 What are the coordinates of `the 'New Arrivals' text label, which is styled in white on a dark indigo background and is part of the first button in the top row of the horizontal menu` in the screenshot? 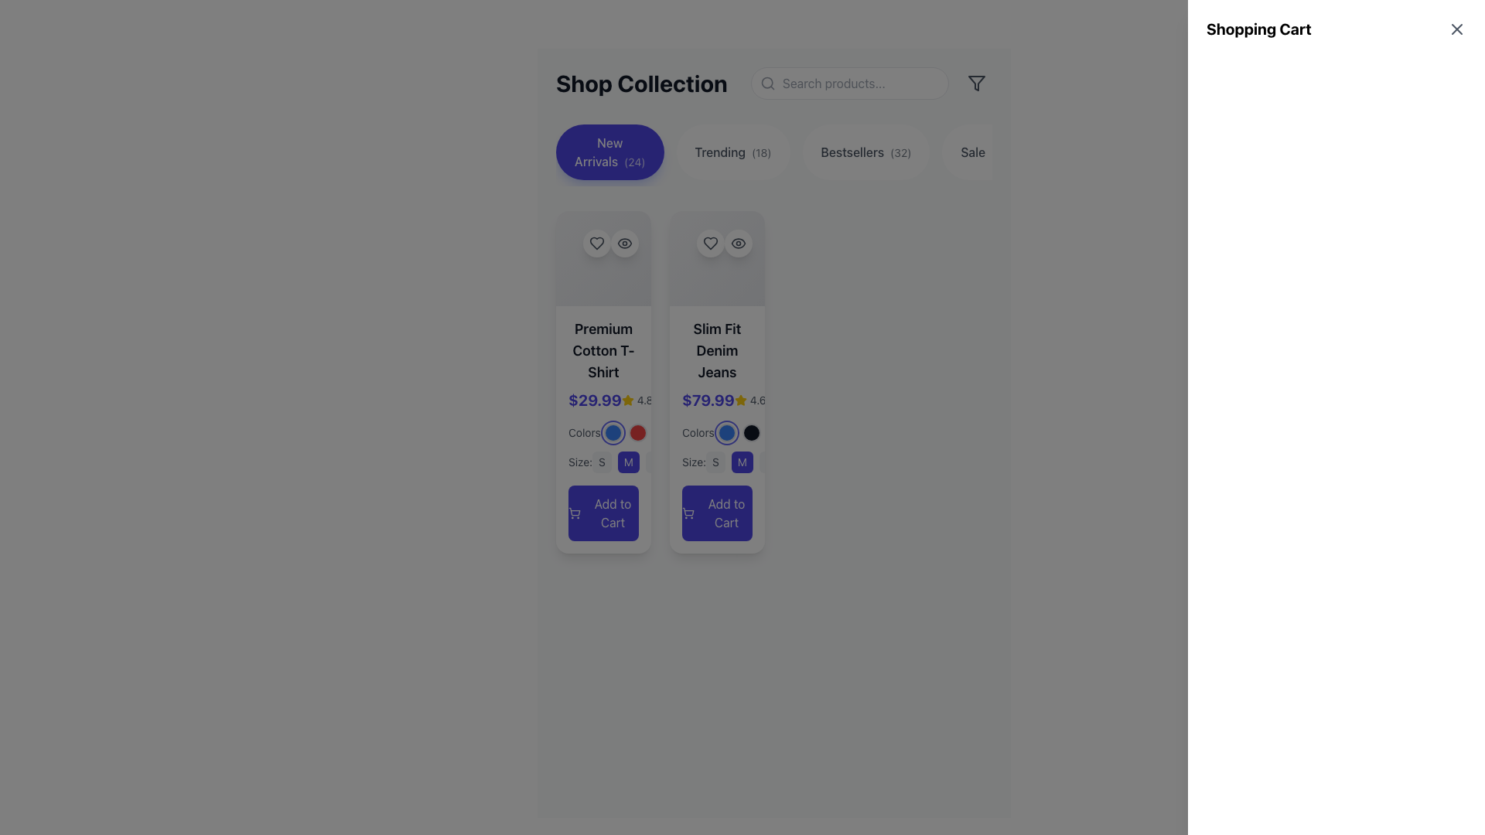 It's located at (598, 152).